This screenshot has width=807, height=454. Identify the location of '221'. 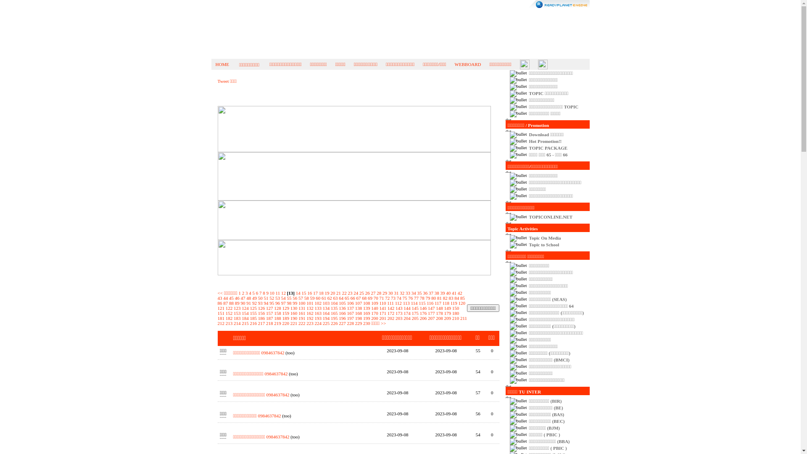
(294, 322).